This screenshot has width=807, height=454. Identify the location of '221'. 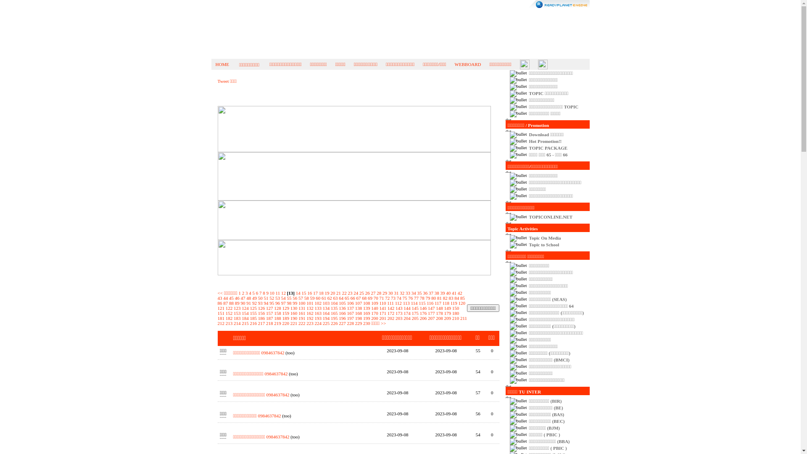
(294, 322).